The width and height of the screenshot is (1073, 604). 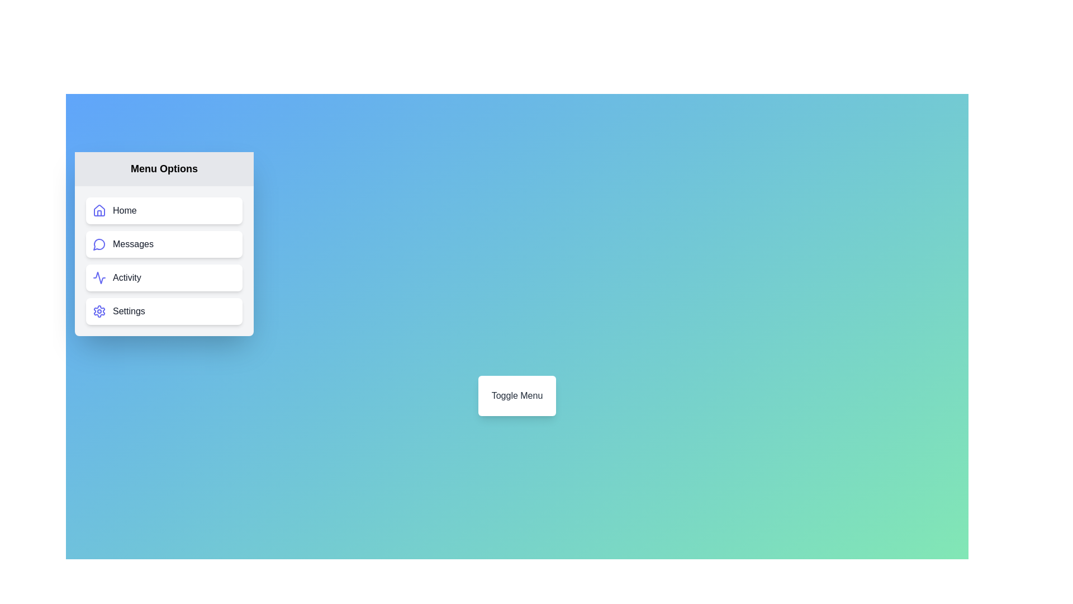 What do you see at coordinates (163, 277) in the screenshot?
I see `the Activity menu item` at bounding box center [163, 277].